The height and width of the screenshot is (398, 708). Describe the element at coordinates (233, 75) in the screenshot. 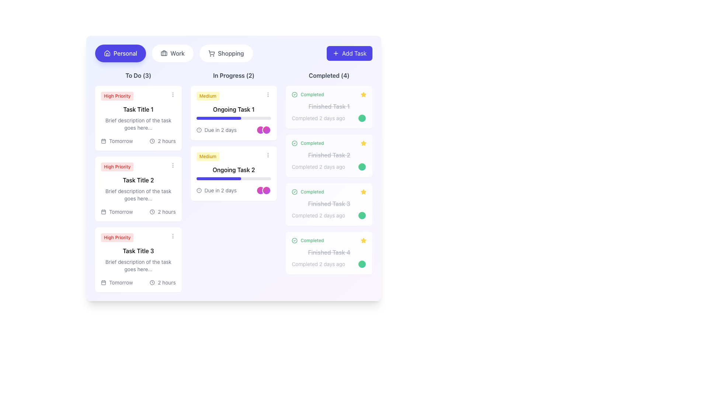

I see `the 'In Progress (2)' text label, which is a bold, semi-dark font element indicating the current tasks in progress` at that location.